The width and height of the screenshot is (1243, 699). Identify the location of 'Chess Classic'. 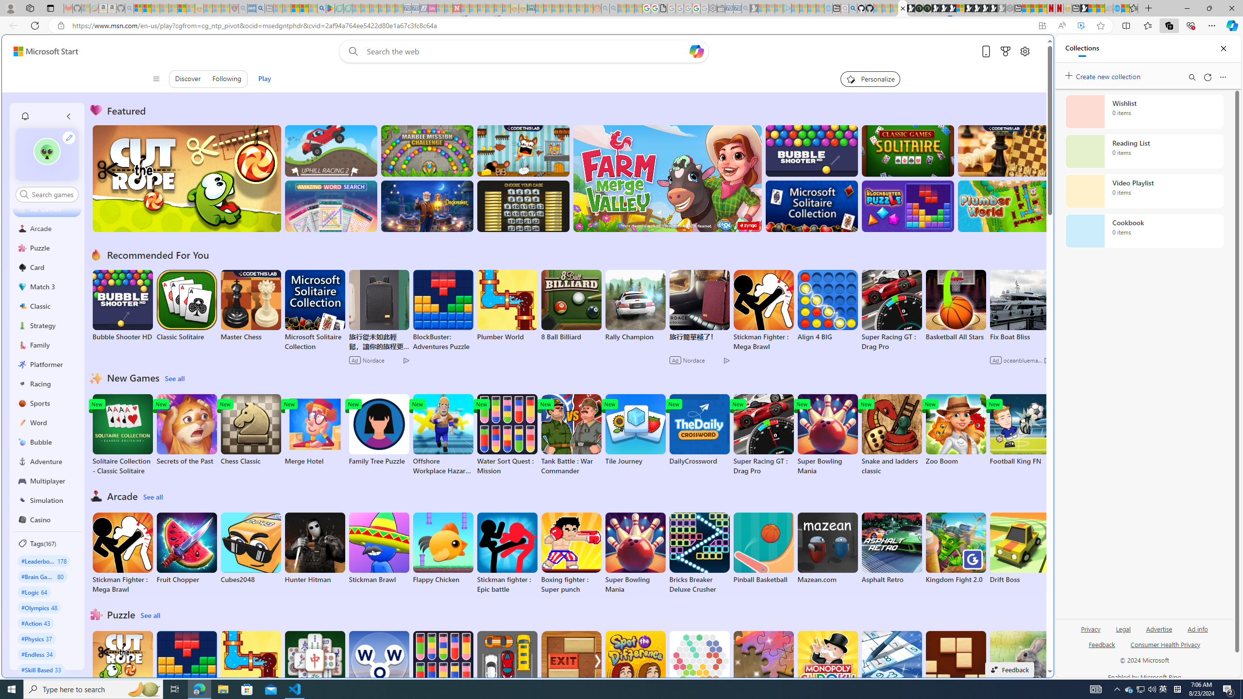
(250, 430).